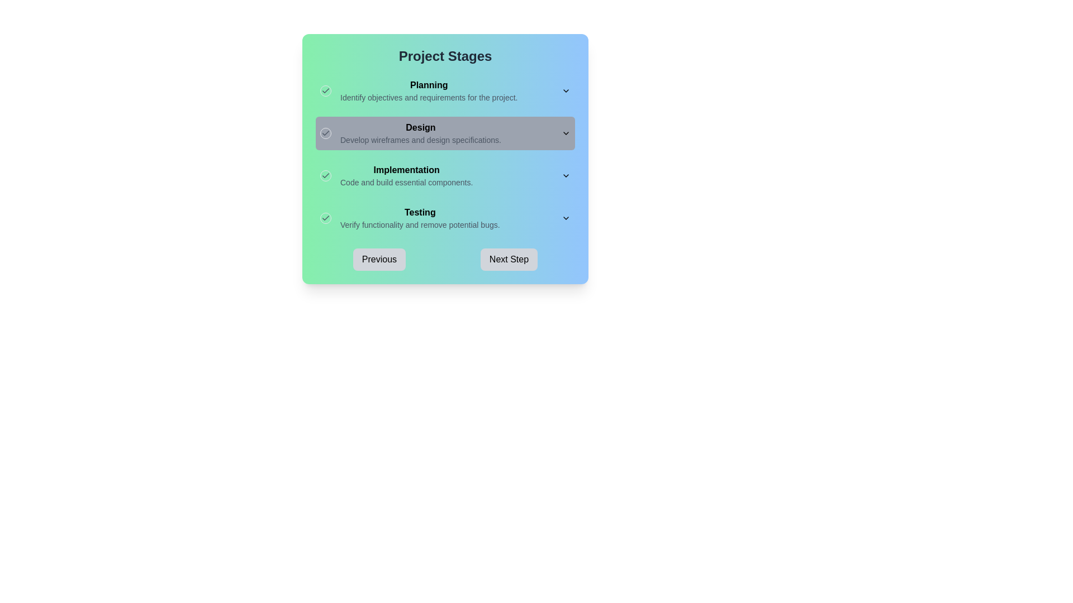 The image size is (1073, 603). I want to click on information presented in the expandable section titled 'Design', which contains the description 'Develop wireframes and design specifications.', so click(444, 133).